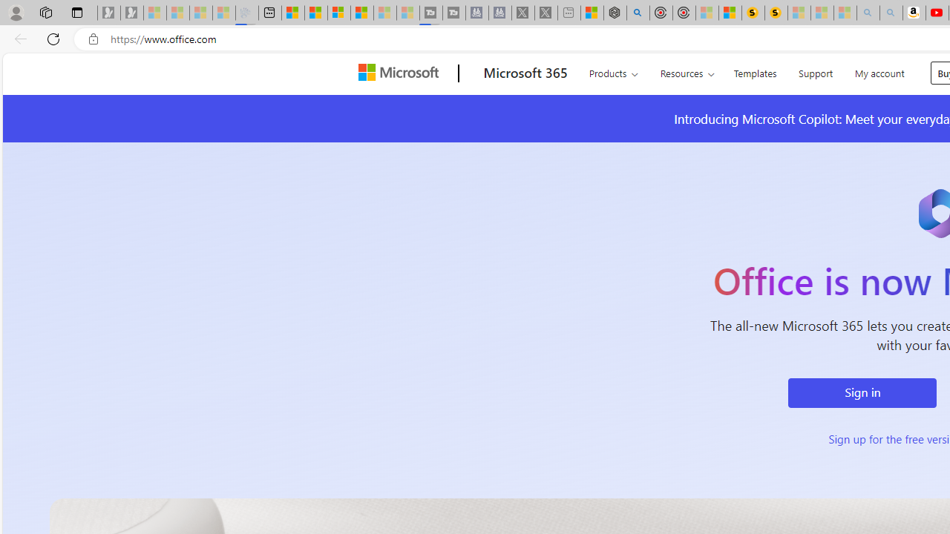  Describe the element at coordinates (525, 73) in the screenshot. I see `'Microsoft 365'` at that location.